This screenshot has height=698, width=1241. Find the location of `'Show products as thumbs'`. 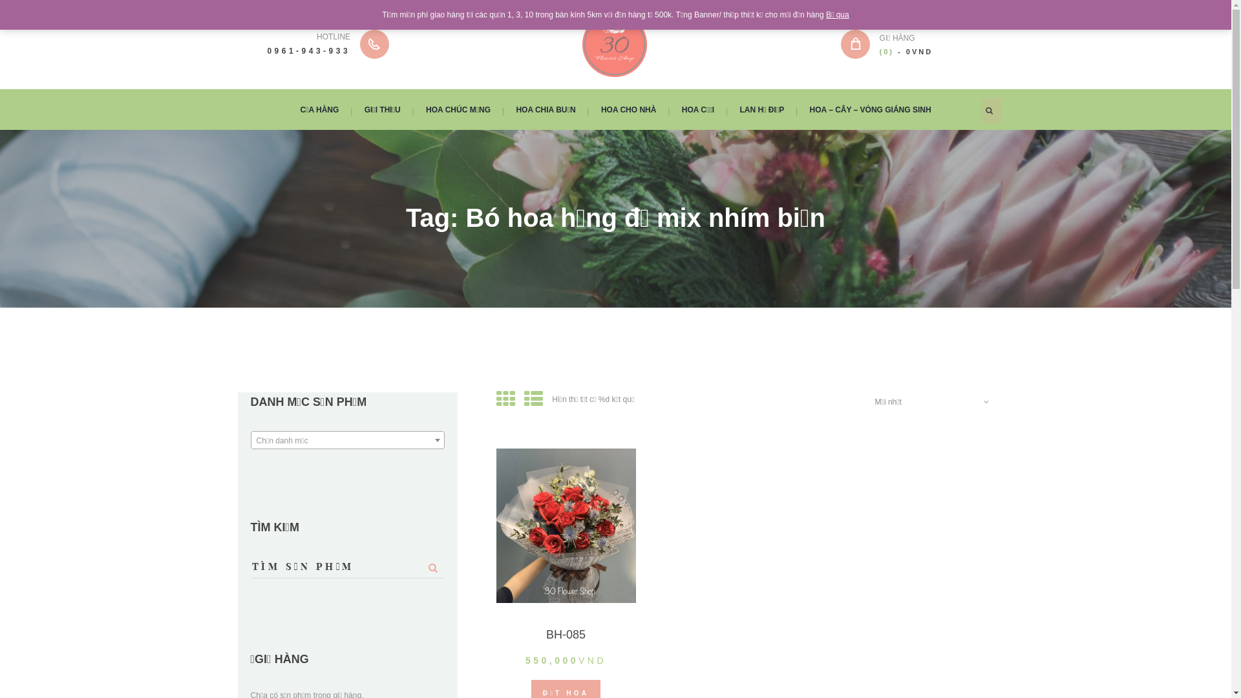

'Show products as thumbs' is located at coordinates (505, 398).